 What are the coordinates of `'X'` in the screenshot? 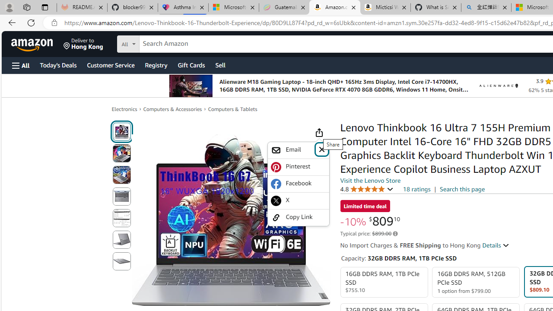 It's located at (298, 201).